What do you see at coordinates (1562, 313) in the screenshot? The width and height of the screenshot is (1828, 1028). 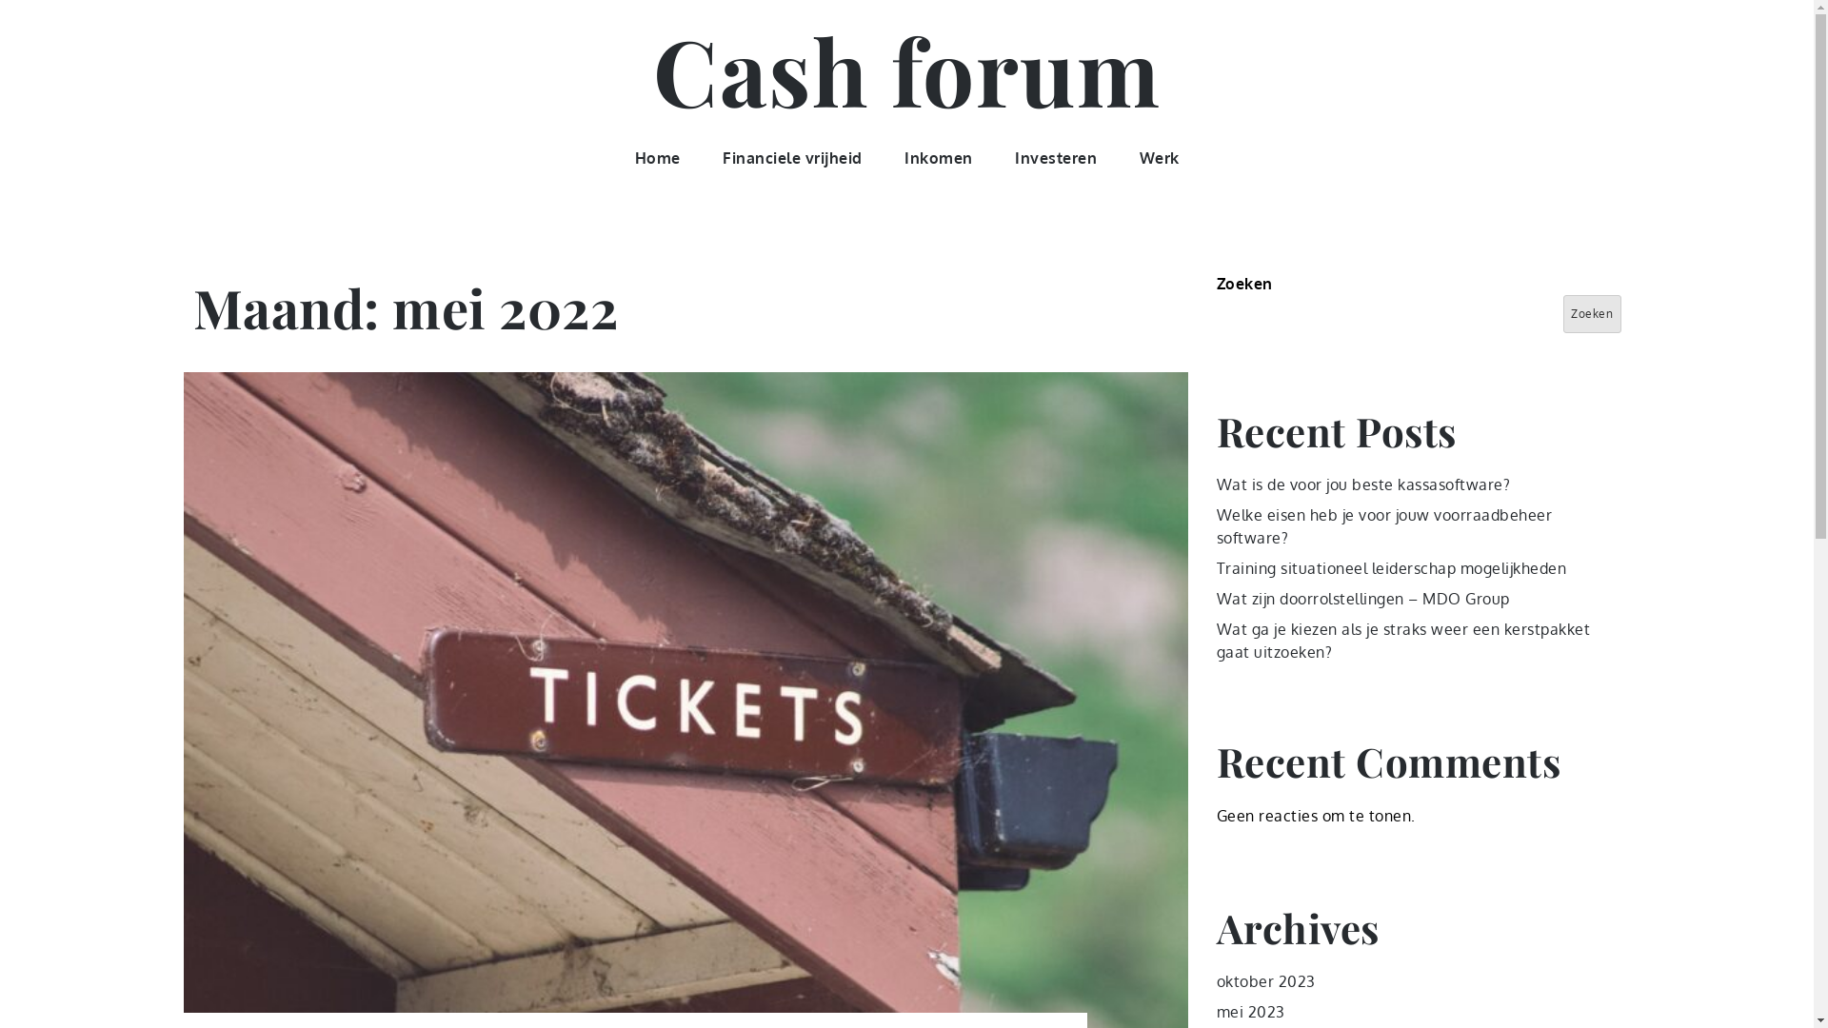 I see `'Zoeken'` at bounding box center [1562, 313].